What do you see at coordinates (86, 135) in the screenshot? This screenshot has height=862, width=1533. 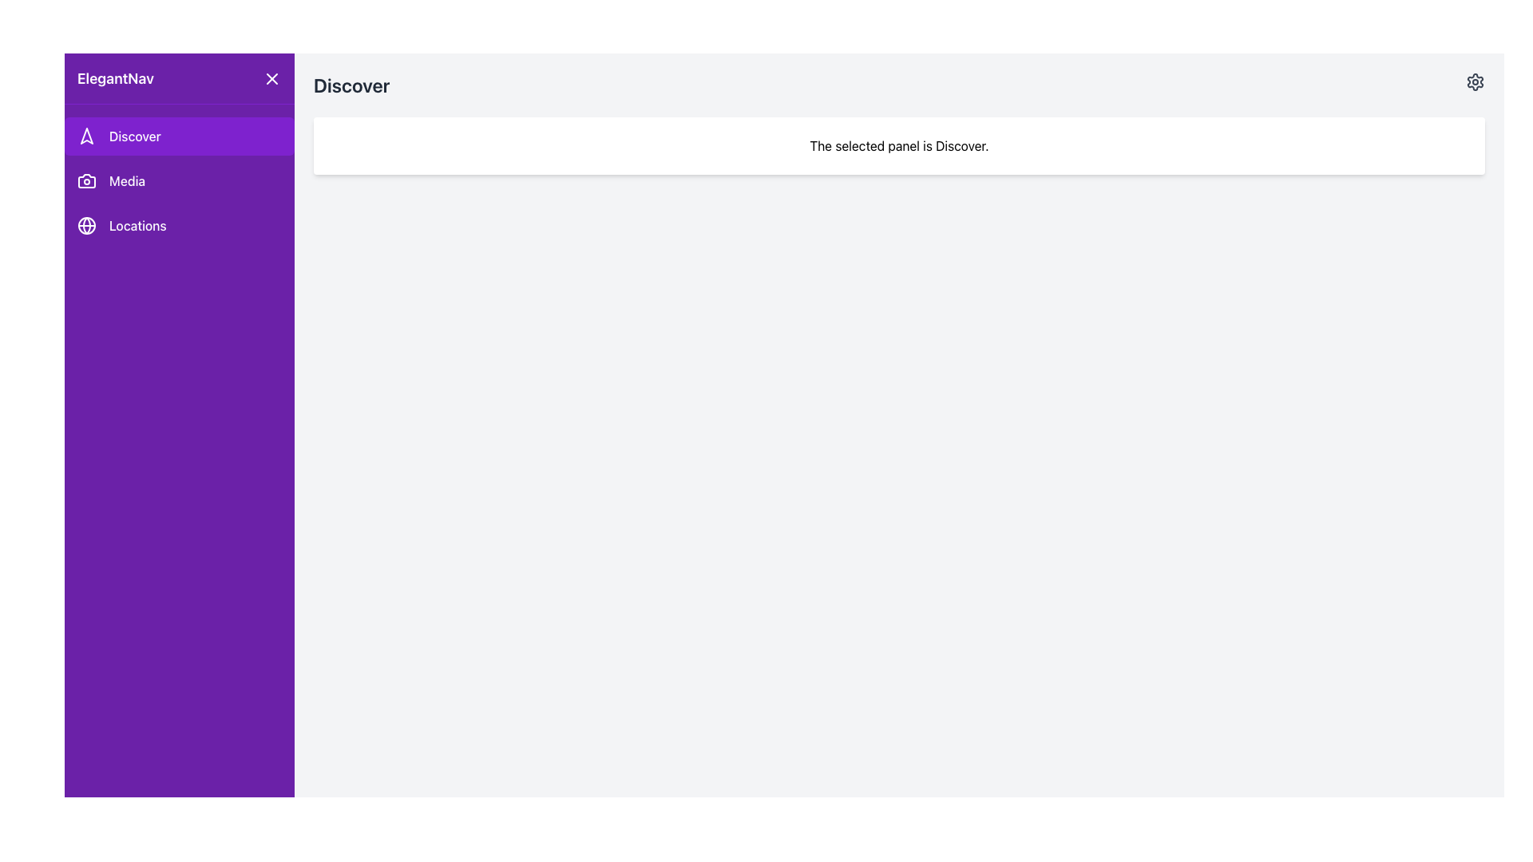 I see `the white navigation icon styled as a pointer or arrowhead, located to the left of the 'Discover' text in the vertical navigation menu` at bounding box center [86, 135].